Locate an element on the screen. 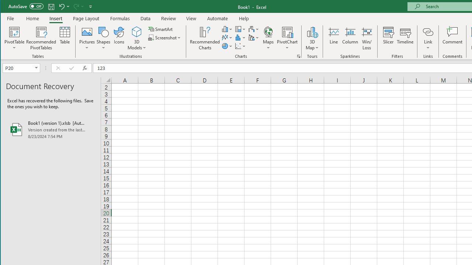 This screenshot has width=472, height=265. 'PivotChart' is located at coordinates (287, 38).